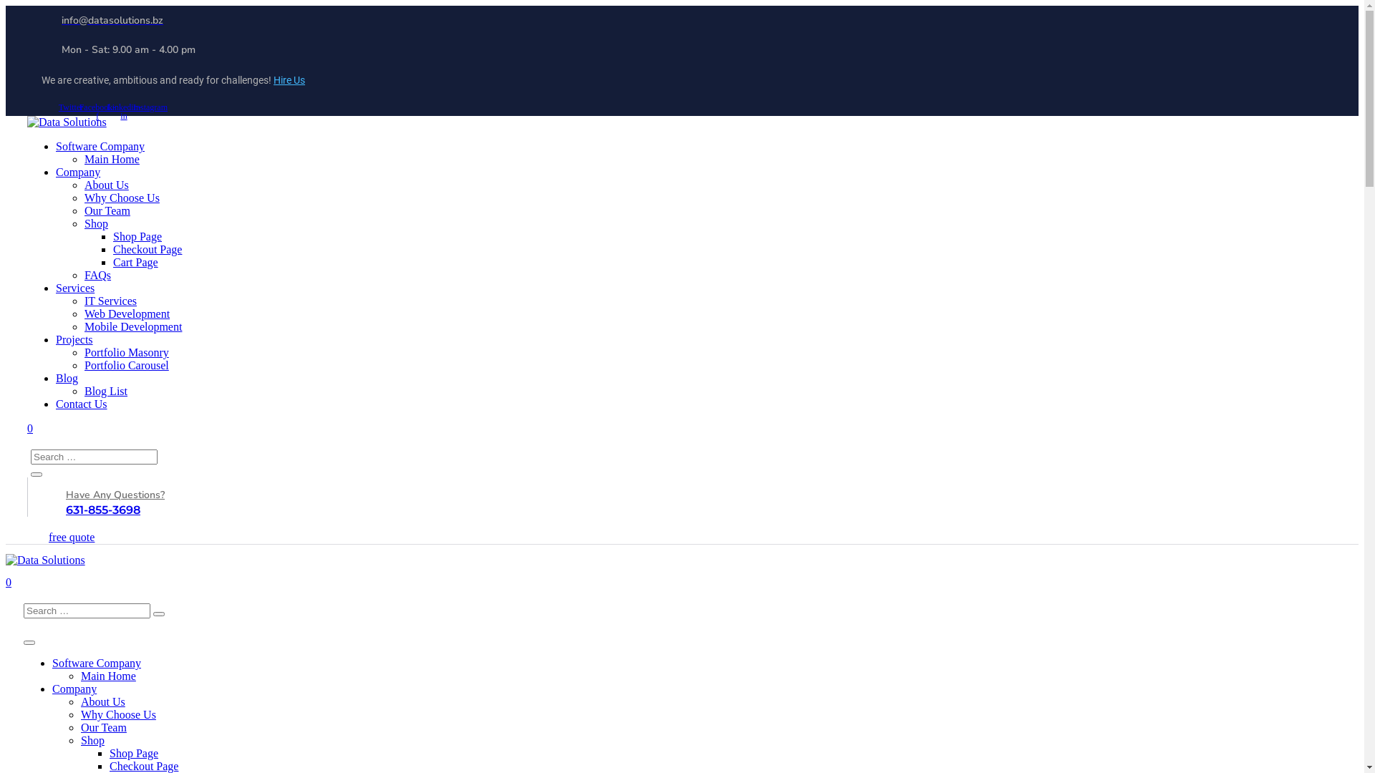 The height and width of the screenshot is (773, 1375). I want to click on 'Facebook-f', so click(96, 110).